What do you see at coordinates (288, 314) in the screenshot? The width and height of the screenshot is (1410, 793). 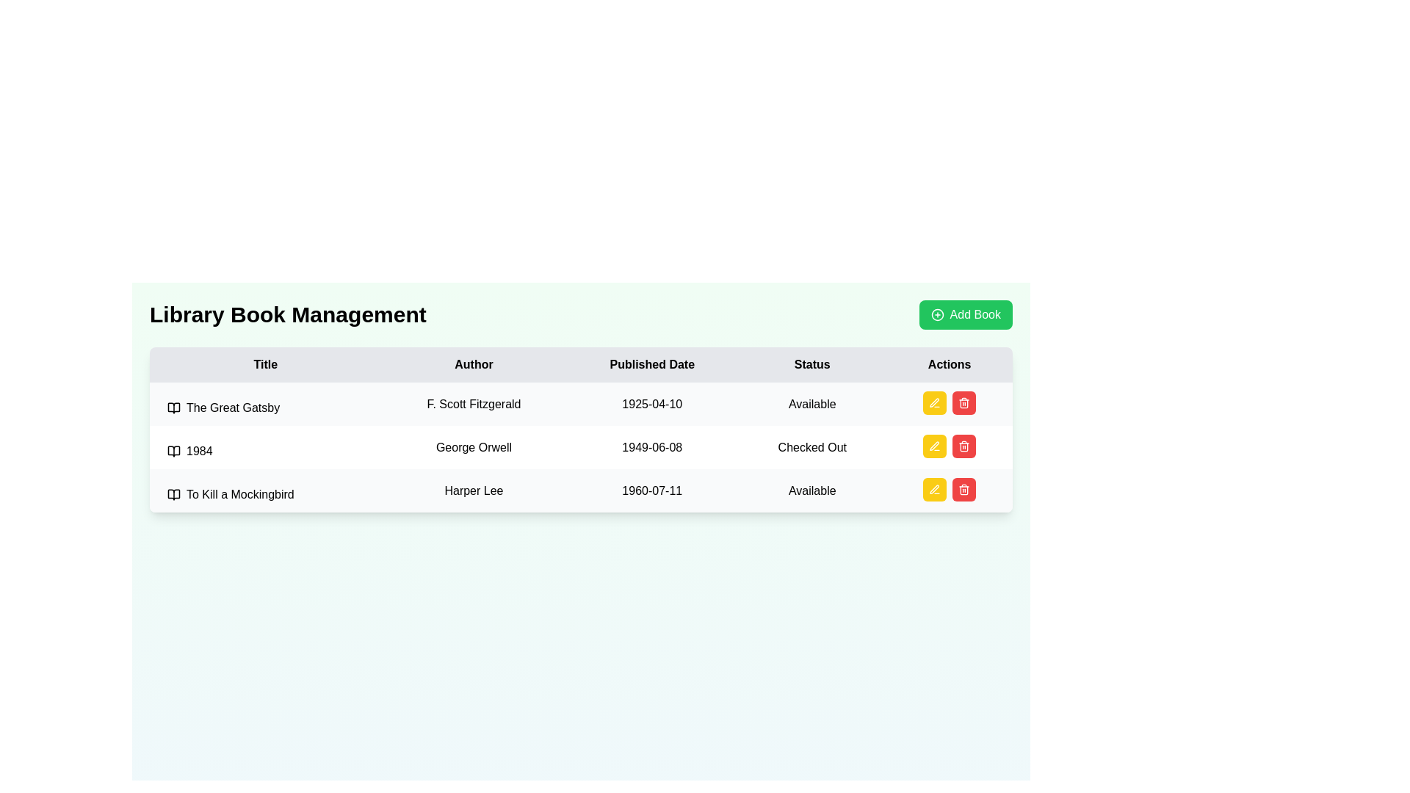 I see `the bold, large text label displaying 'Library Book Management' at the top of the page layout` at bounding box center [288, 314].